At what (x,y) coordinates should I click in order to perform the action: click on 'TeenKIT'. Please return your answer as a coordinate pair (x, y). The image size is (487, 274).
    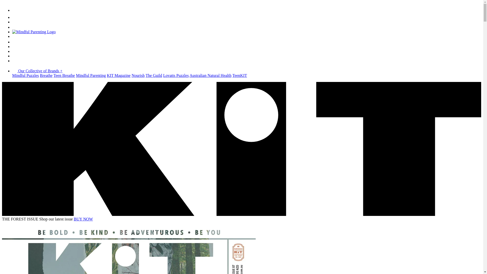
    Looking at the image, I should click on (232, 75).